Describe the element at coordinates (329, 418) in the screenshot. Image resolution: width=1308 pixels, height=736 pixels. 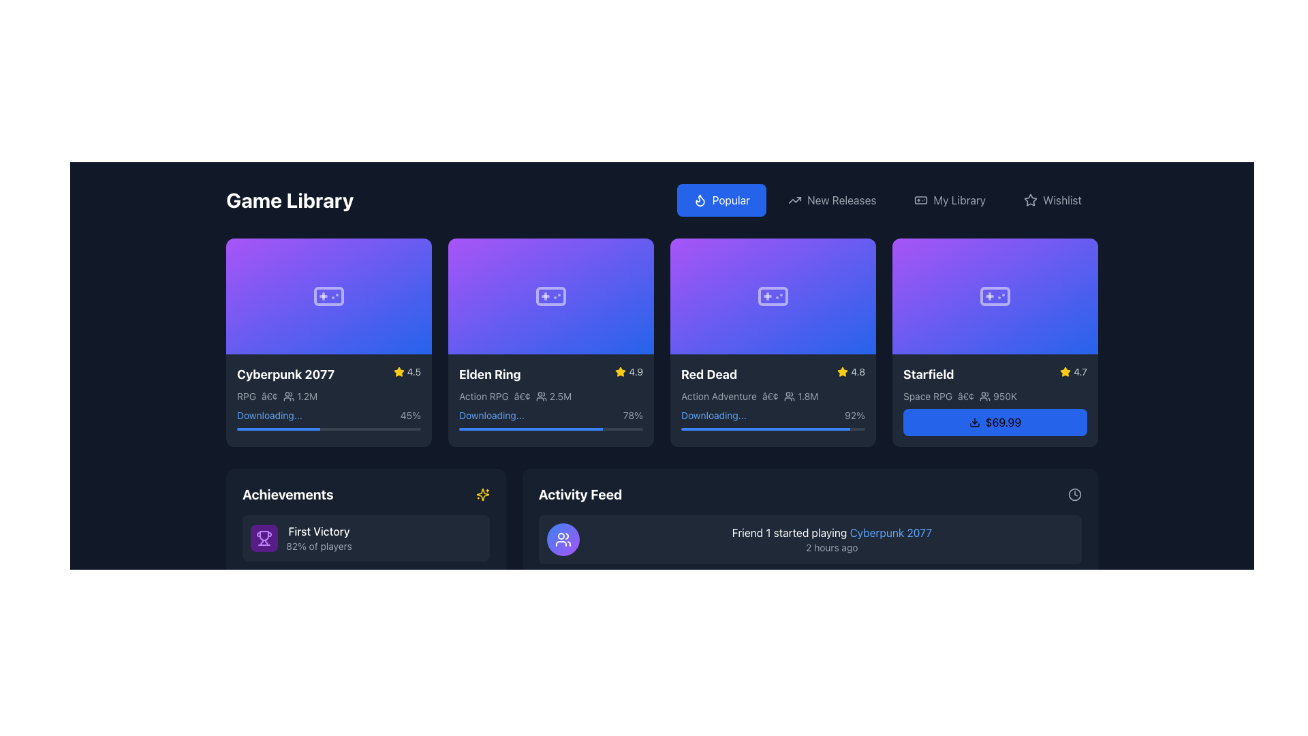
I see `the progress indicator for the download operation of the game 'Cyberpunk 2077', located in the Game Library section below the genre and user count information` at that location.